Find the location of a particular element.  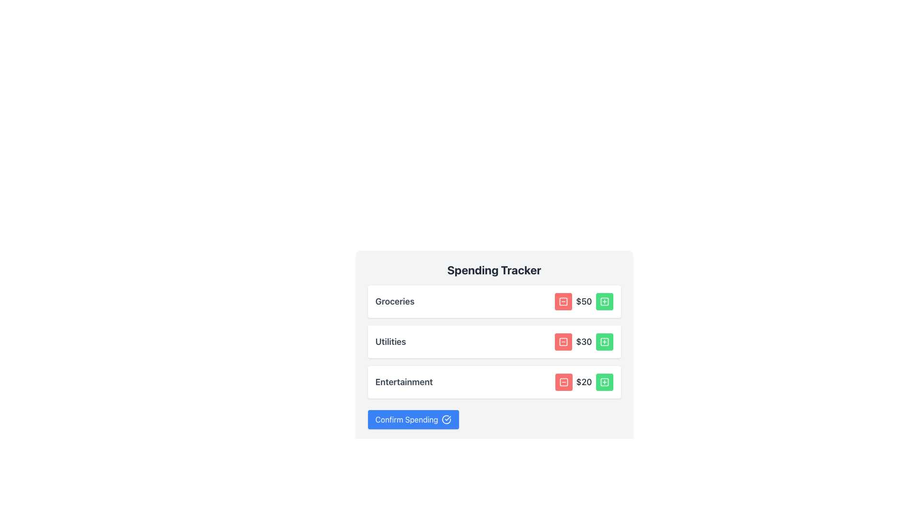

the rightmost green icon (square-plus) in the middle row of the Utilities section is located at coordinates (604, 341).